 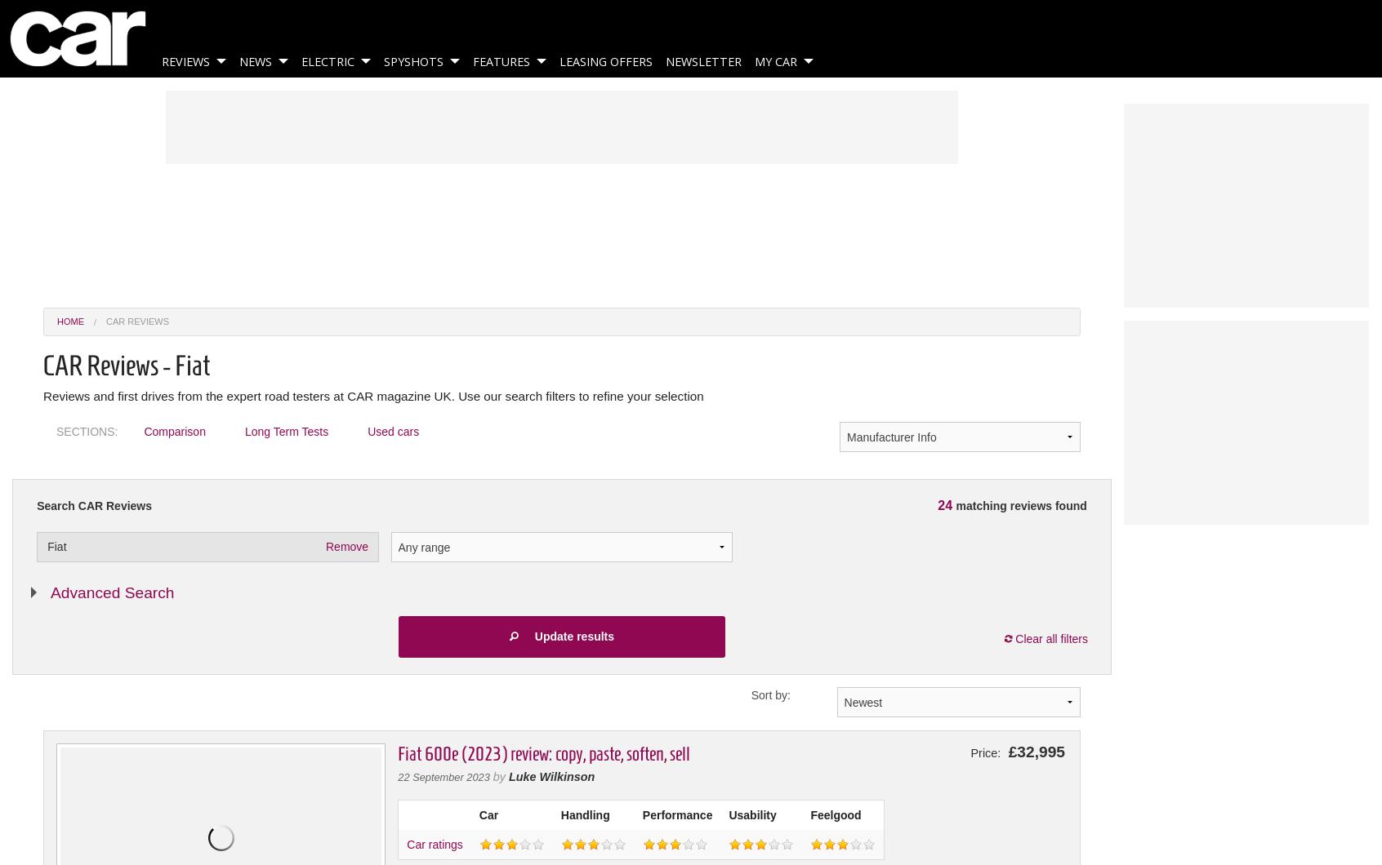 What do you see at coordinates (584, 813) in the screenshot?
I see `'Handling'` at bounding box center [584, 813].